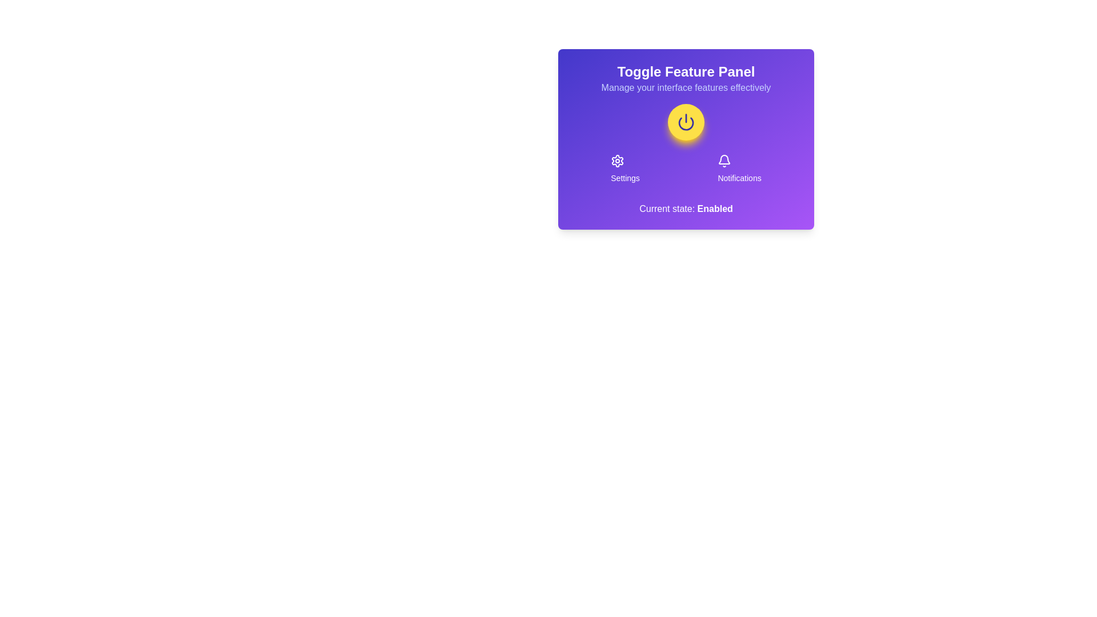 This screenshot has height=617, width=1097. Describe the element at coordinates (714, 209) in the screenshot. I see `the 'Enabled' text label, which is styled in bold white font on a purple background, located at the bottom-center of the panel within the text string 'Current state: Enabled'` at that location.